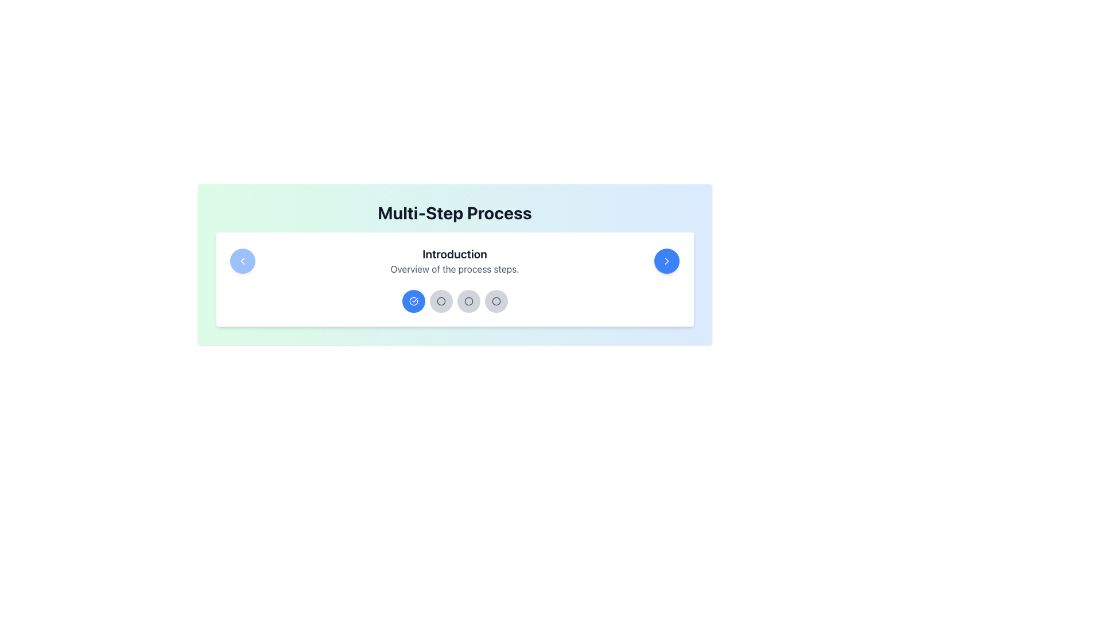 This screenshot has height=620, width=1102. I want to click on the Icon (Chevron Right) which indicates forward navigation functionality within the forward navigation button located on the right-hand side of a card component, so click(667, 261).